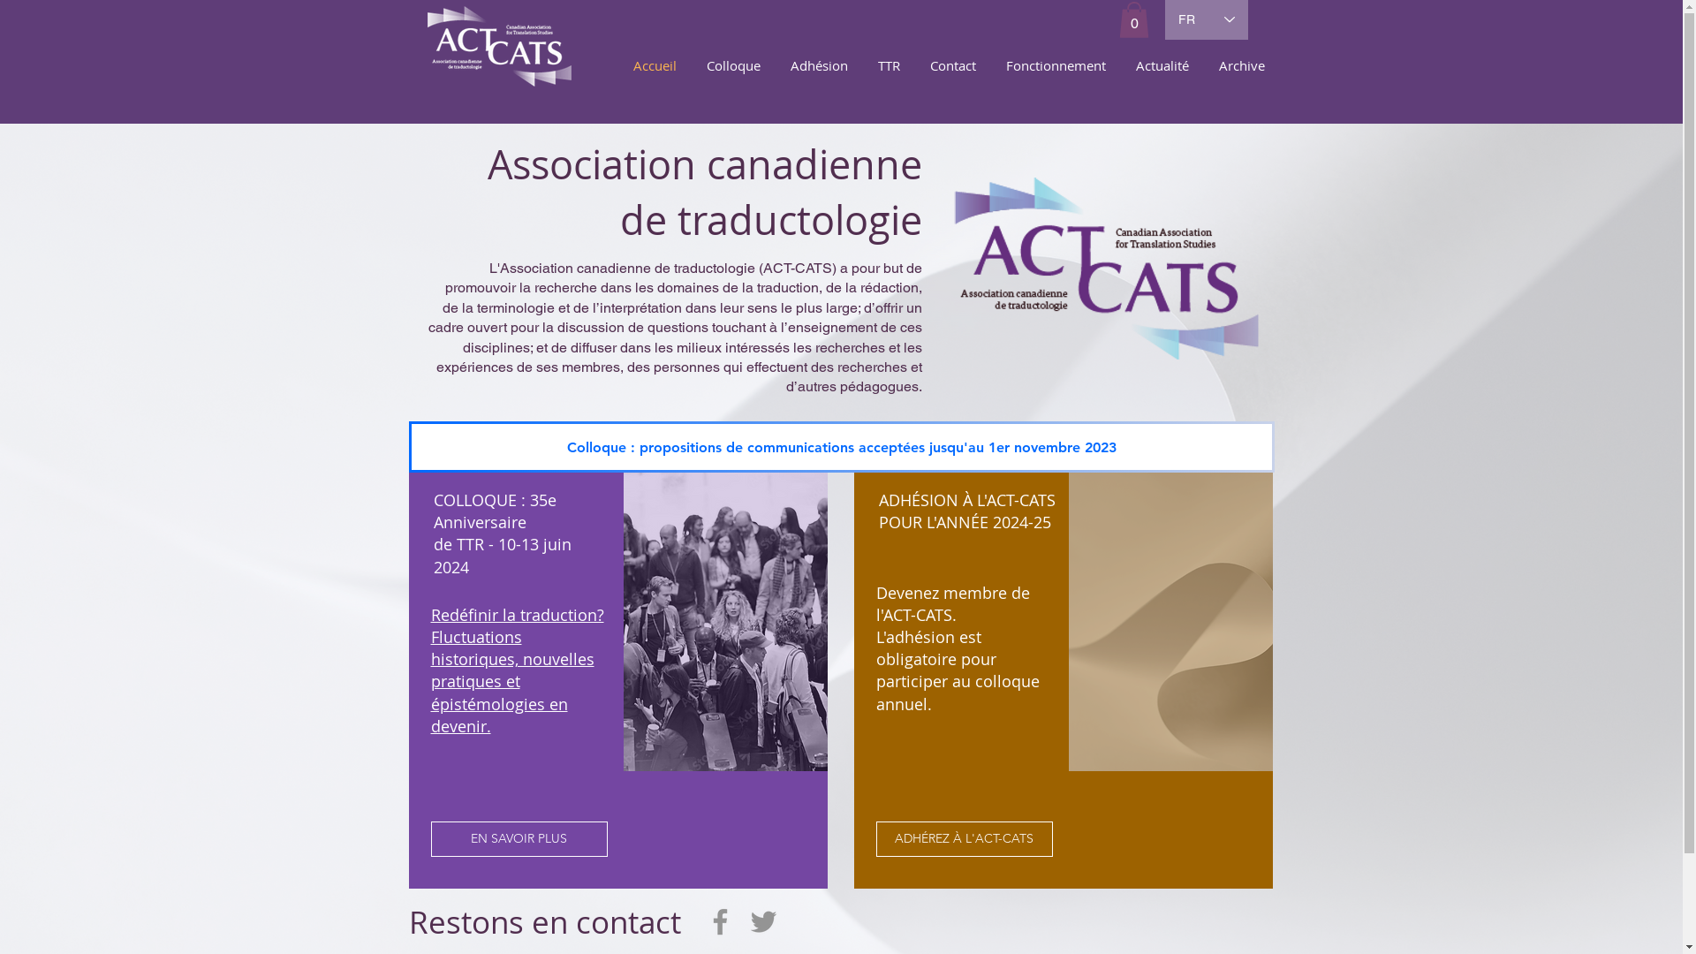 Image resolution: width=1696 pixels, height=954 pixels. I want to click on 'Archive', so click(1203, 64).